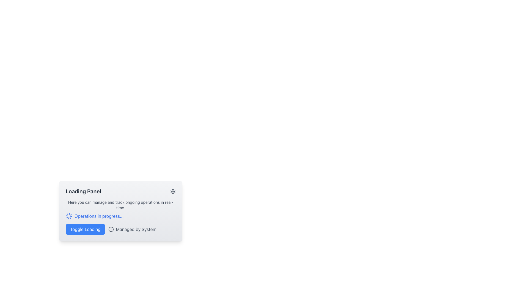  What do you see at coordinates (172, 191) in the screenshot?
I see `the settings button located on the right side of the header area within the 'Loading Panel' section` at bounding box center [172, 191].